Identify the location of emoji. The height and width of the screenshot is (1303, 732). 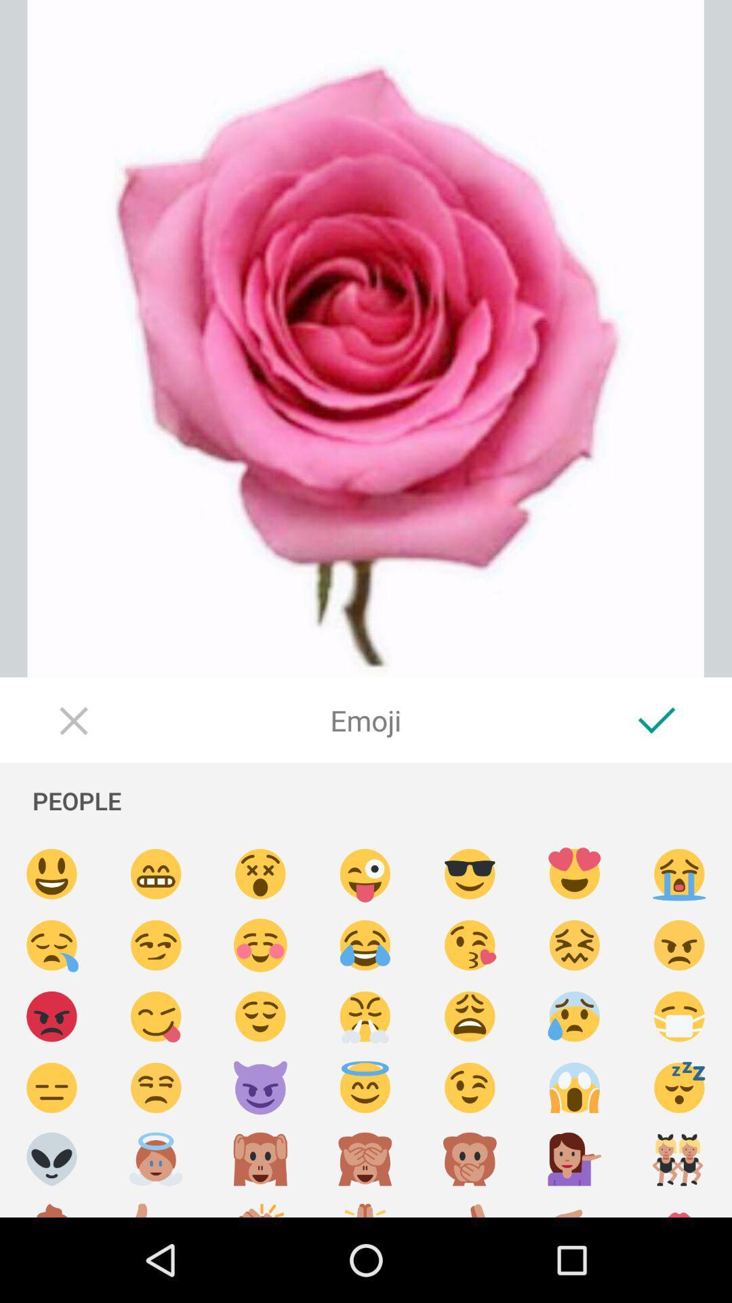
(469, 1017).